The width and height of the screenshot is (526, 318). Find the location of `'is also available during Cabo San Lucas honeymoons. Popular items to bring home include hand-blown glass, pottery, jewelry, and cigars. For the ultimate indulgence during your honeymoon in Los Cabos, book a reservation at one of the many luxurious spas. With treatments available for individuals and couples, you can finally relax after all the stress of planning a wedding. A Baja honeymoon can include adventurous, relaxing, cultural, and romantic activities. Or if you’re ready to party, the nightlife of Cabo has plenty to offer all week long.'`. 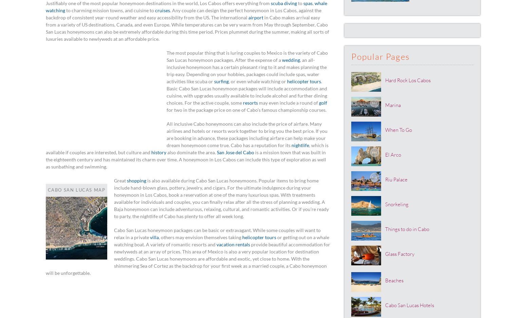

'is also available during Cabo San Lucas honeymoons. Popular items to bring home include hand-blown glass, pottery, jewelry, and cigars. For the ultimate indulgence during your honeymoon in Los Cabos, book a reservation at one of the many luxurious spas. With treatments available for individuals and couples, you can finally relax after all the stress of planning a wedding. A Baja honeymoon can include adventurous, relaxing, cultural, and romantic activities. Or if you’re ready to party, the nightlife of Cabo has plenty to offer all week long.' is located at coordinates (221, 198).